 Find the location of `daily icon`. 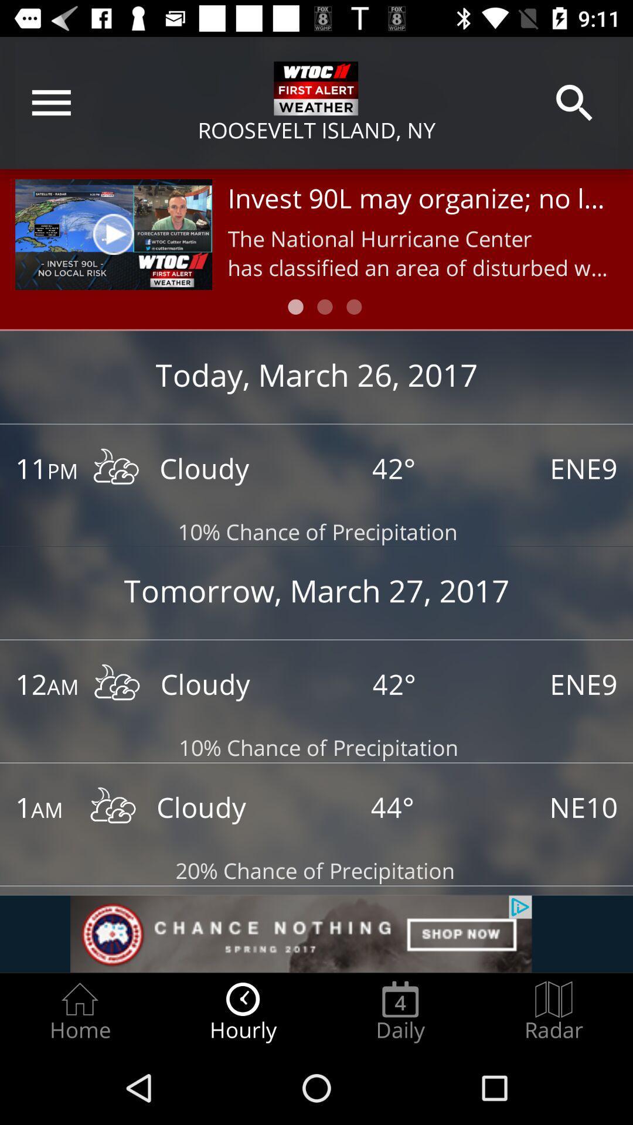

daily icon is located at coordinates (400, 1011).